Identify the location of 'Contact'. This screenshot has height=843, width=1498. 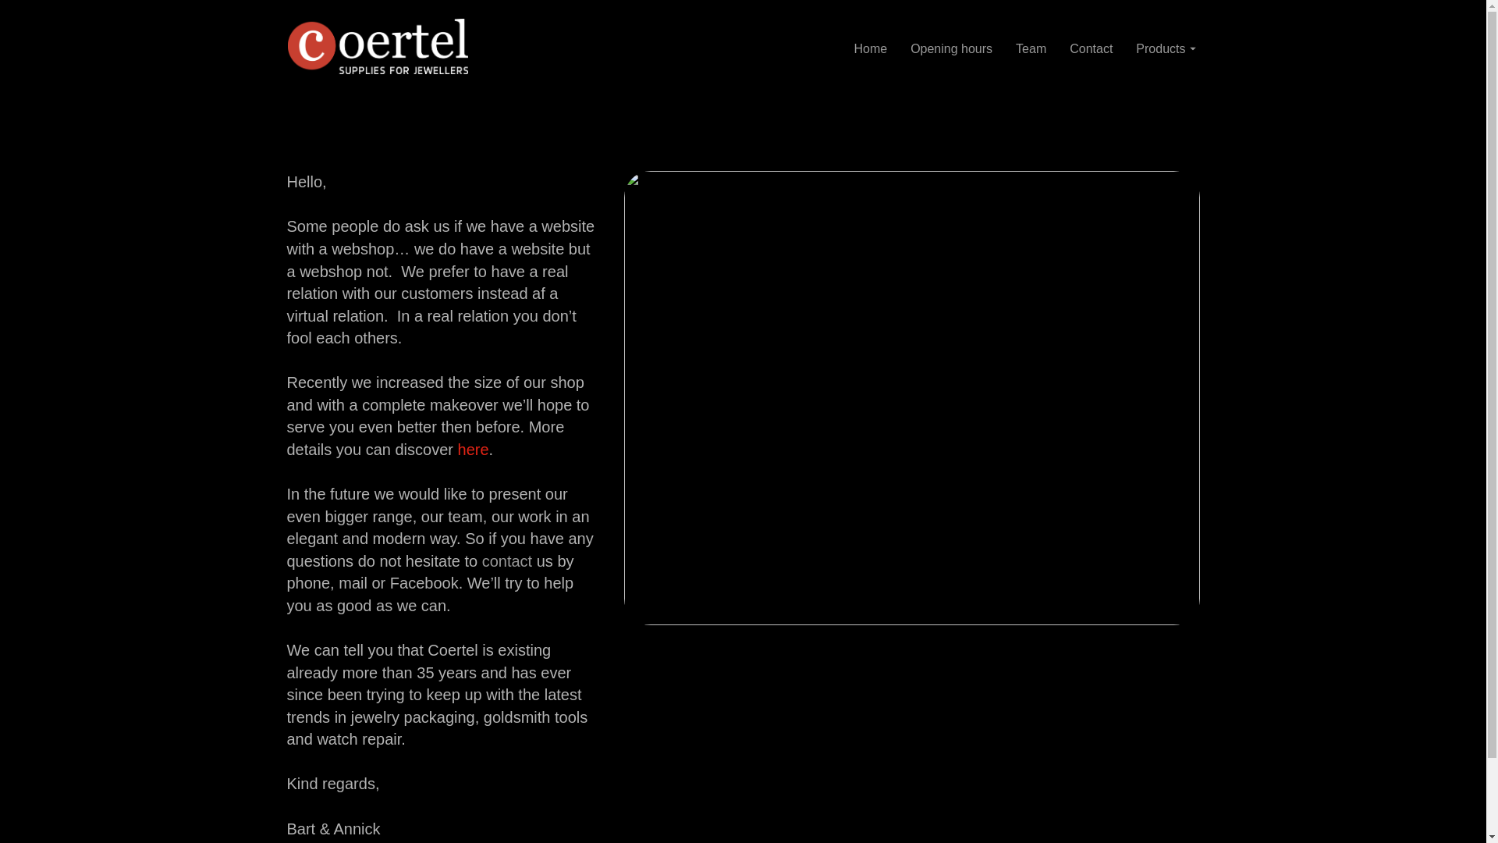
(1058, 47).